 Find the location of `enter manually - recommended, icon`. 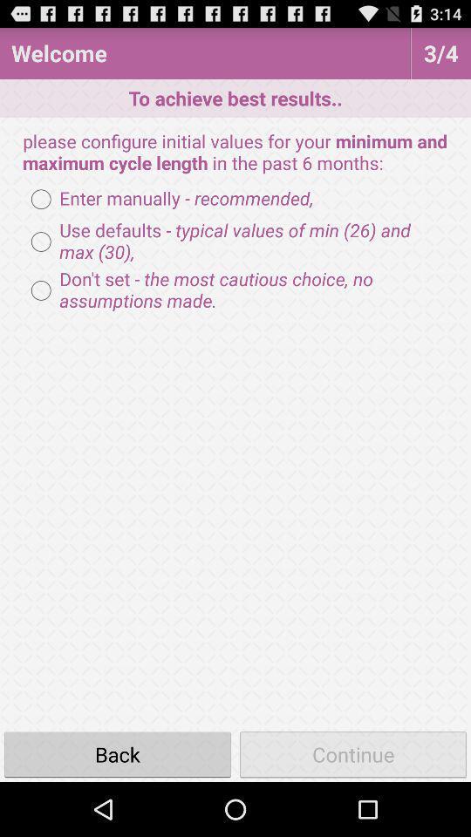

enter manually - recommended, icon is located at coordinates (167, 199).